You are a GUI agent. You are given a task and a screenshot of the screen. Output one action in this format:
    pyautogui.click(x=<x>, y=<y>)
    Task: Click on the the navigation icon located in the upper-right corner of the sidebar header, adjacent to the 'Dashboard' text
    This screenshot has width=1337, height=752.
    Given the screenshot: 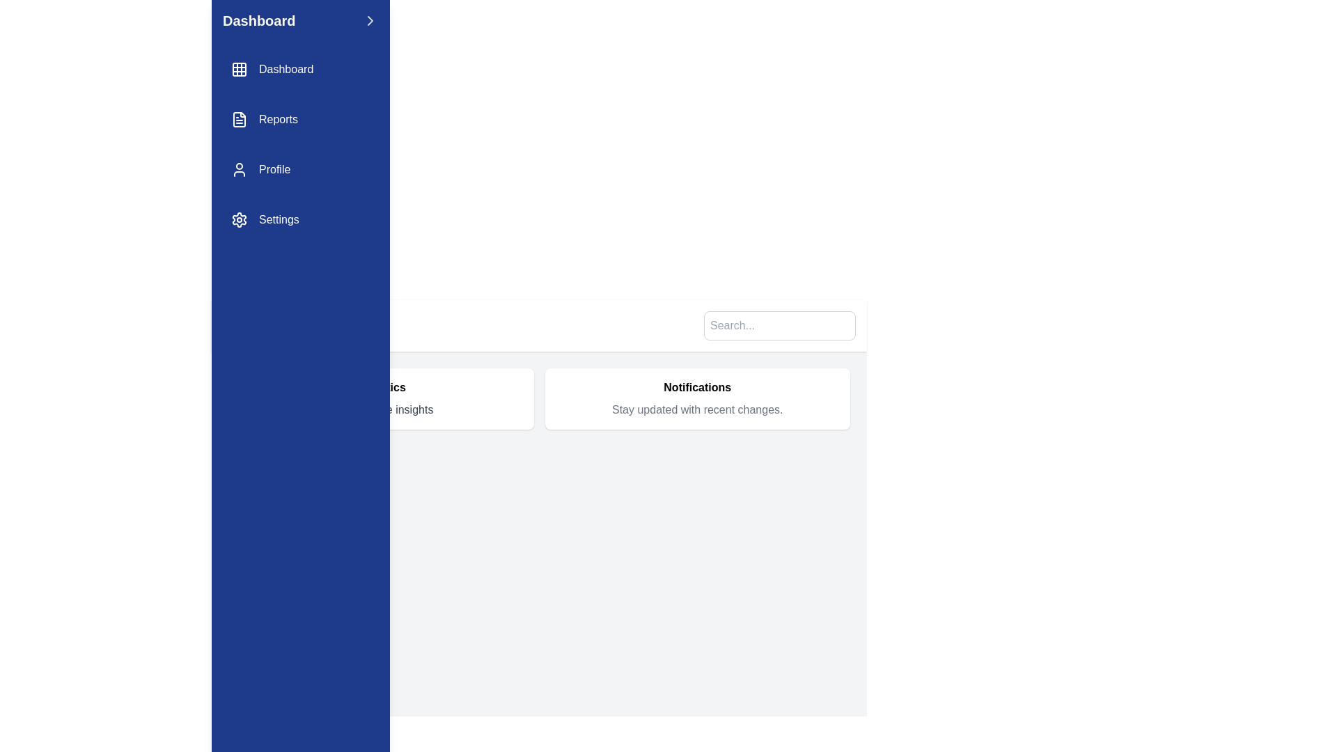 What is the action you would take?
    pyautogui.click(x=370, y=21)
    